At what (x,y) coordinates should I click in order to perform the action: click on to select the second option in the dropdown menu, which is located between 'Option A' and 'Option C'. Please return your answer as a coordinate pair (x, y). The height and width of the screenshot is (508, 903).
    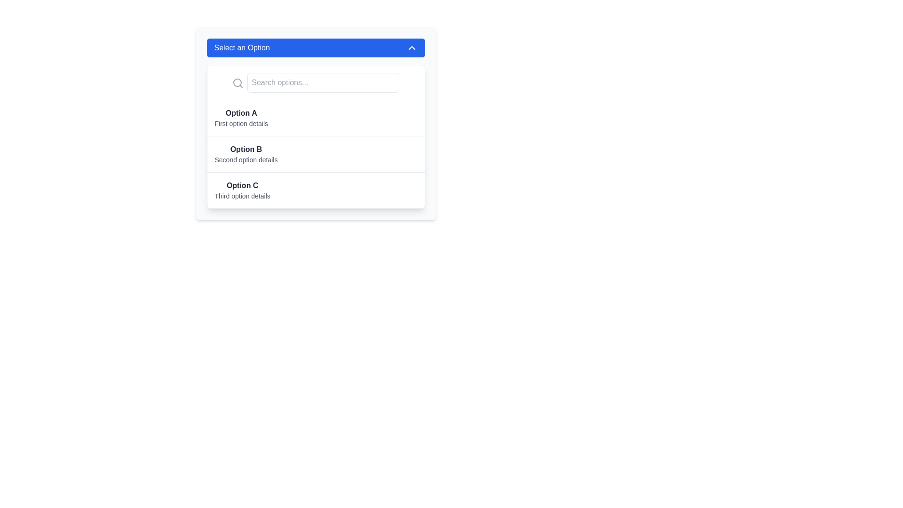
    Looking at the image, I should click on (316, 153).